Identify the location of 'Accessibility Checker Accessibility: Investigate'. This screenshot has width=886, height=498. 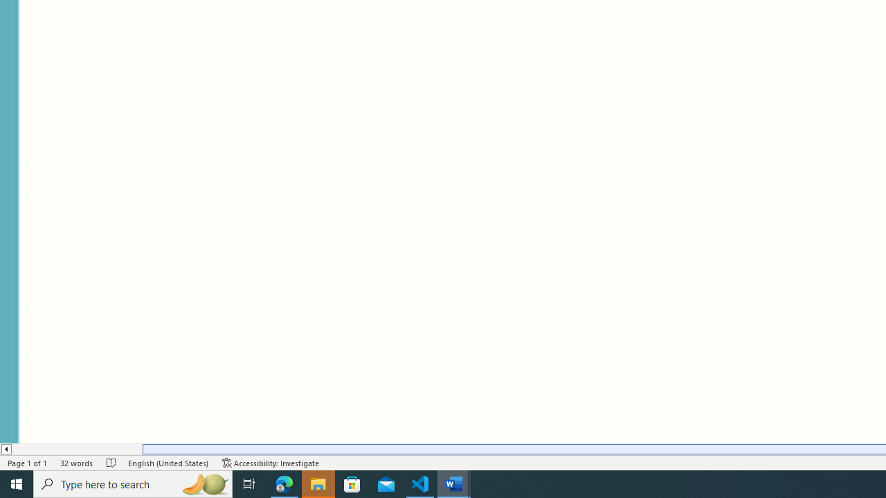
(271, 463).